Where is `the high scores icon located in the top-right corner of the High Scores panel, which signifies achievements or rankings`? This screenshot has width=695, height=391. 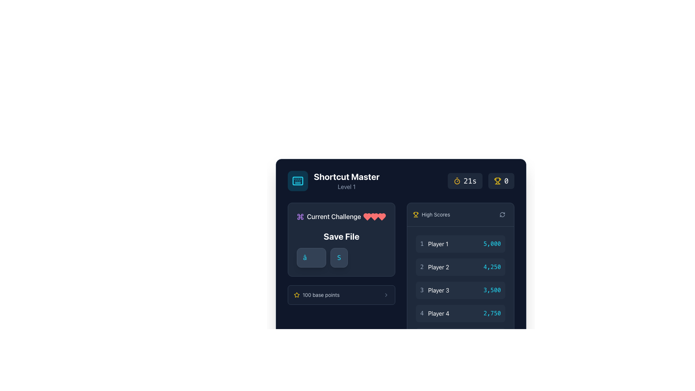
the high scores icon located in the top-right corner of the High Scores panel, which signifies achievements or rankings is located at coordinates (416, 213).